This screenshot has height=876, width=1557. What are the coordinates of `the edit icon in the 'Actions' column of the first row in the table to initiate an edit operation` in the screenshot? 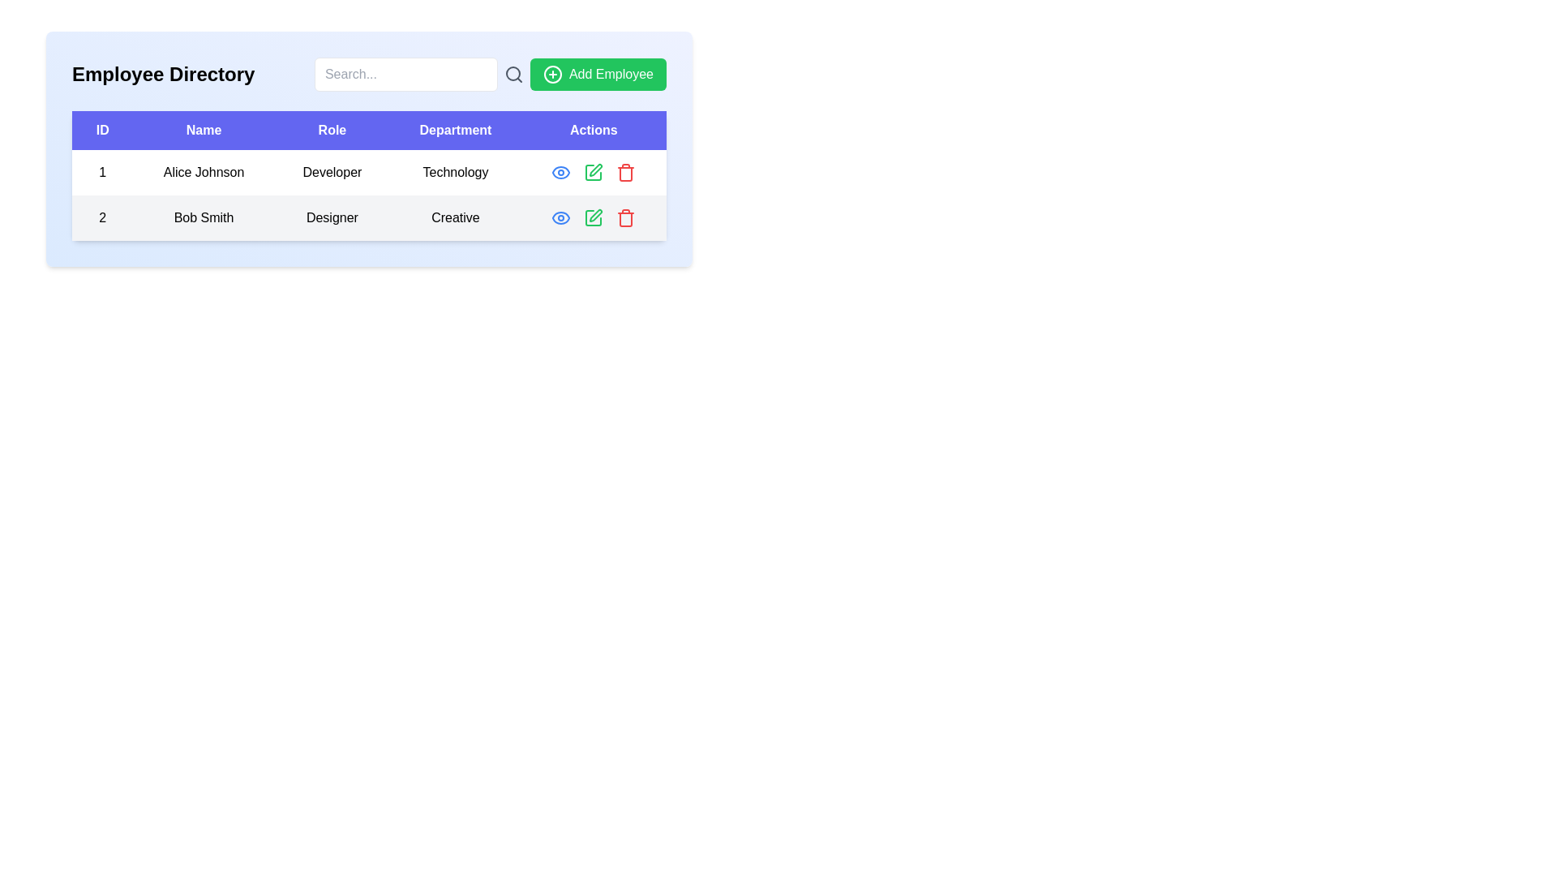 It's located at (593, 172).